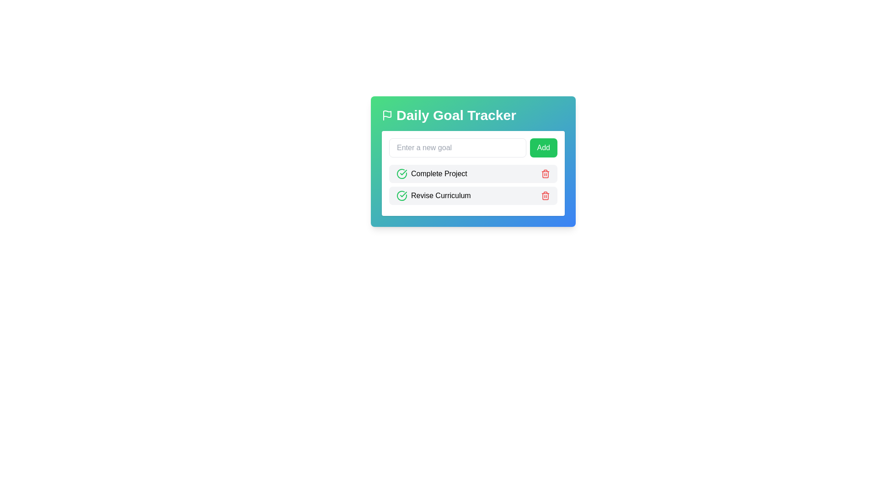 The height and width of the screenshot is (493, 878). Describe the element at coordinates (431, 174) in the screenshot. I see `the check icon of the completed task labeled 'Complete Project' in the 'Daily Goal Tracker' to modify its completion status` at that location.